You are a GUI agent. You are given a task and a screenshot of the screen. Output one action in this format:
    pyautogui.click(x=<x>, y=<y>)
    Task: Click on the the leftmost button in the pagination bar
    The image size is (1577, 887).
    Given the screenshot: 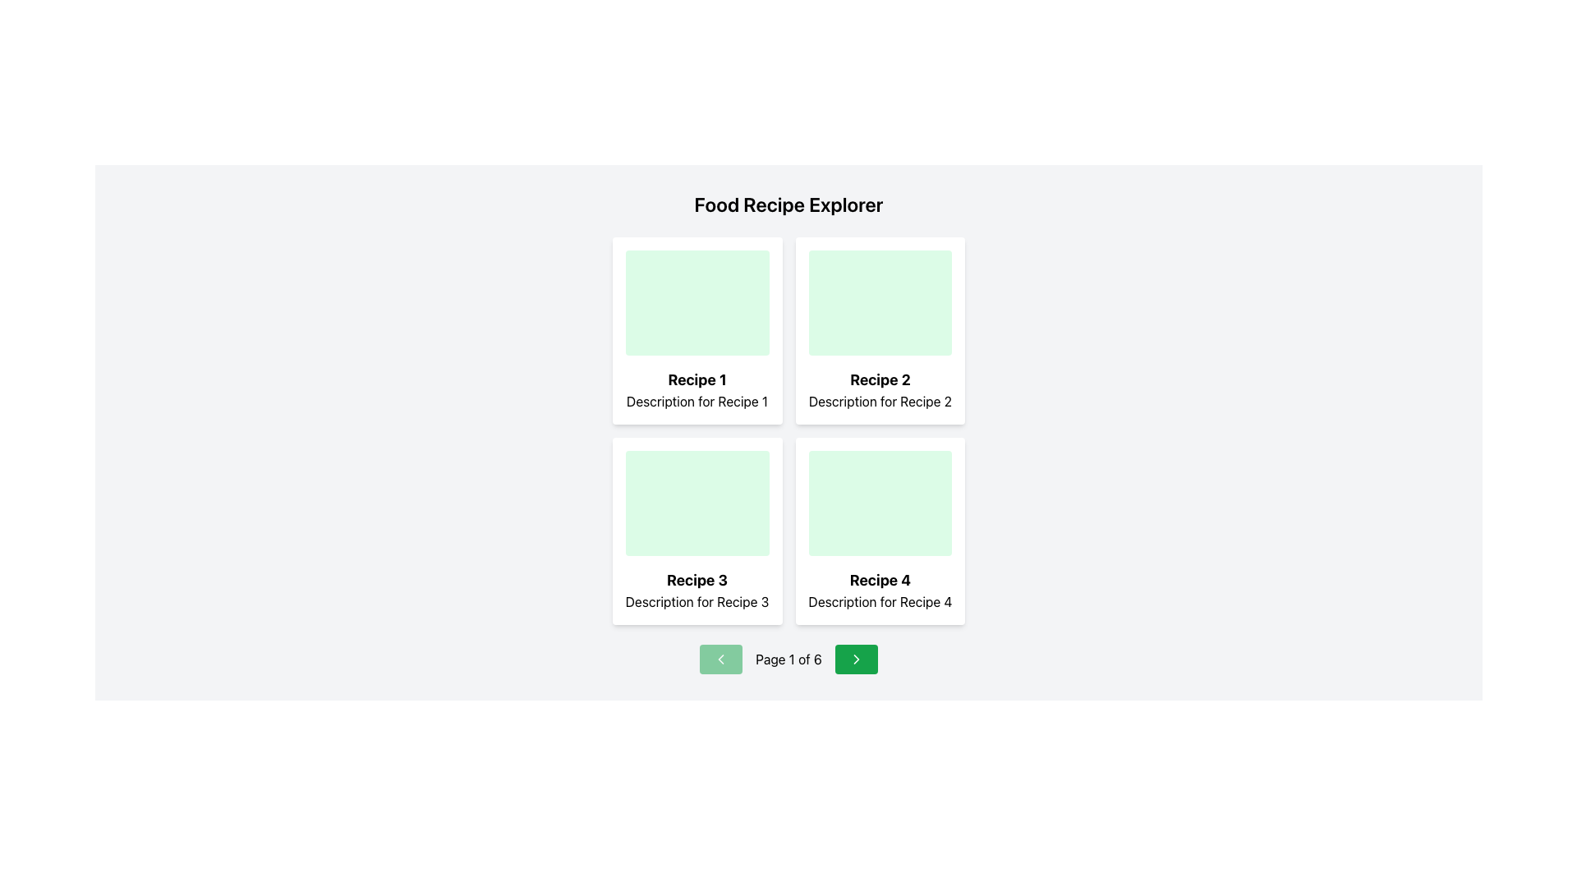 What is the action you would take?
    pyautogui.click(x=721, y=658)
    